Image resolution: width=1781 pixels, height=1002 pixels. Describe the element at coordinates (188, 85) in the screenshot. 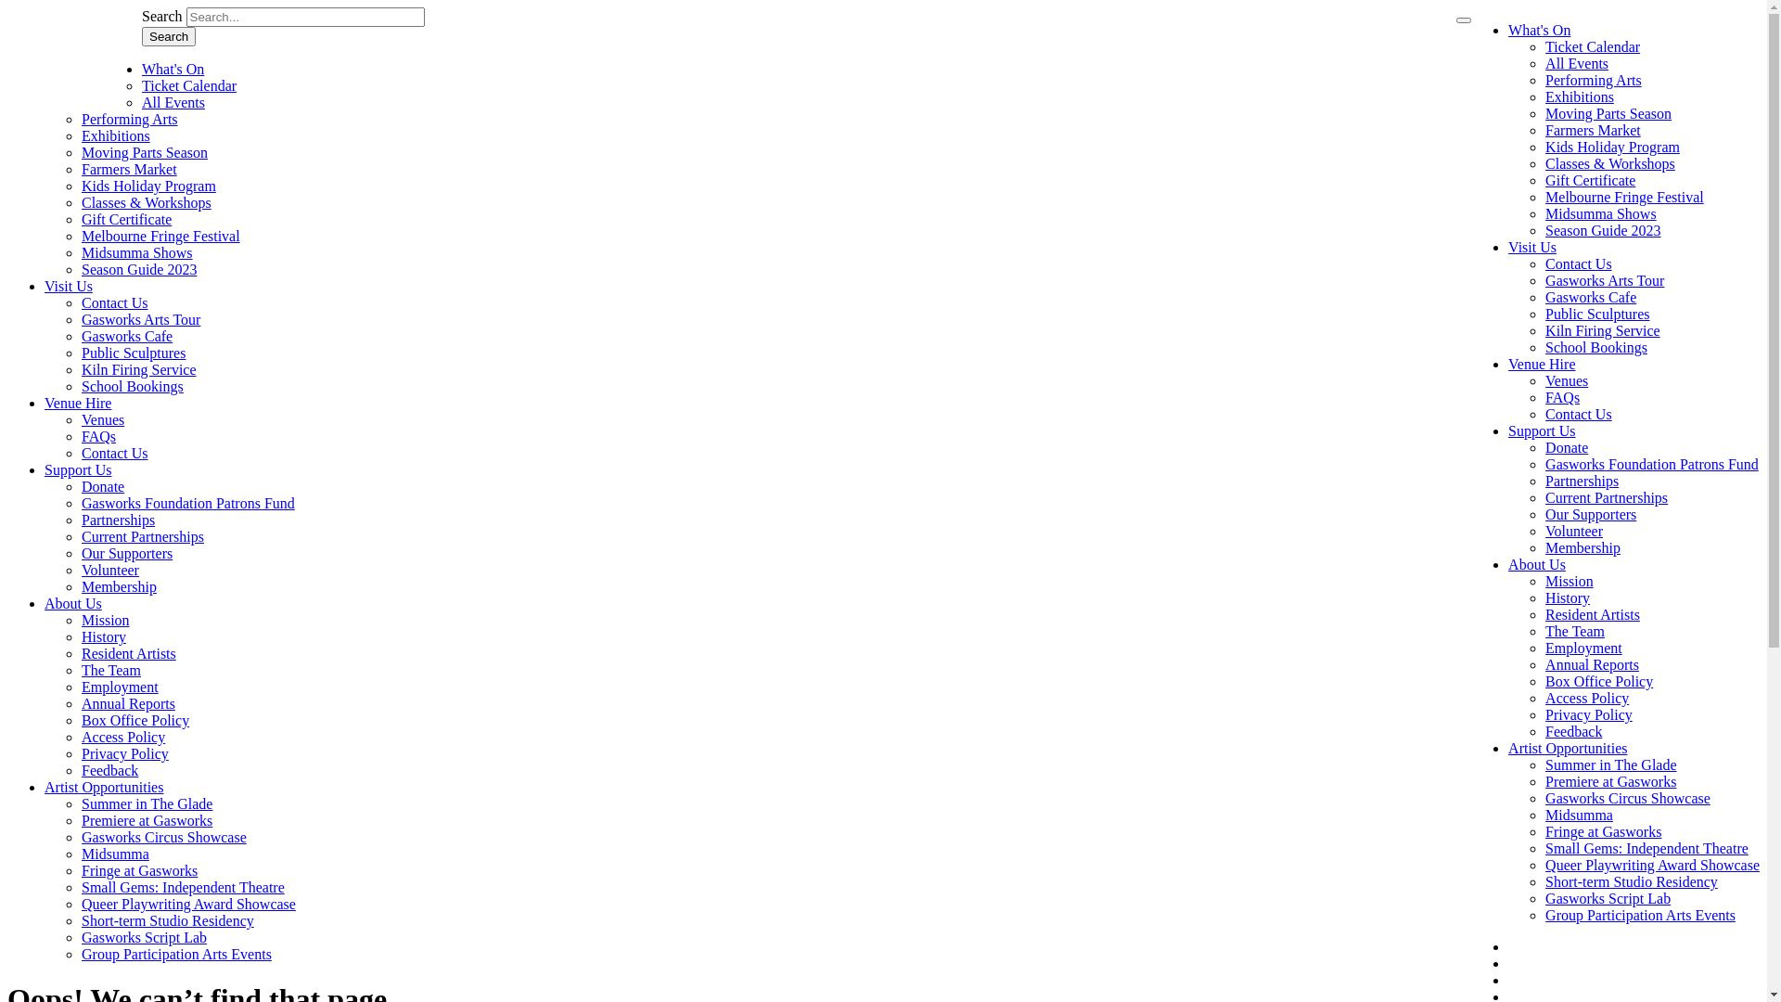

I see `'Ticket Calendar'` at that location.